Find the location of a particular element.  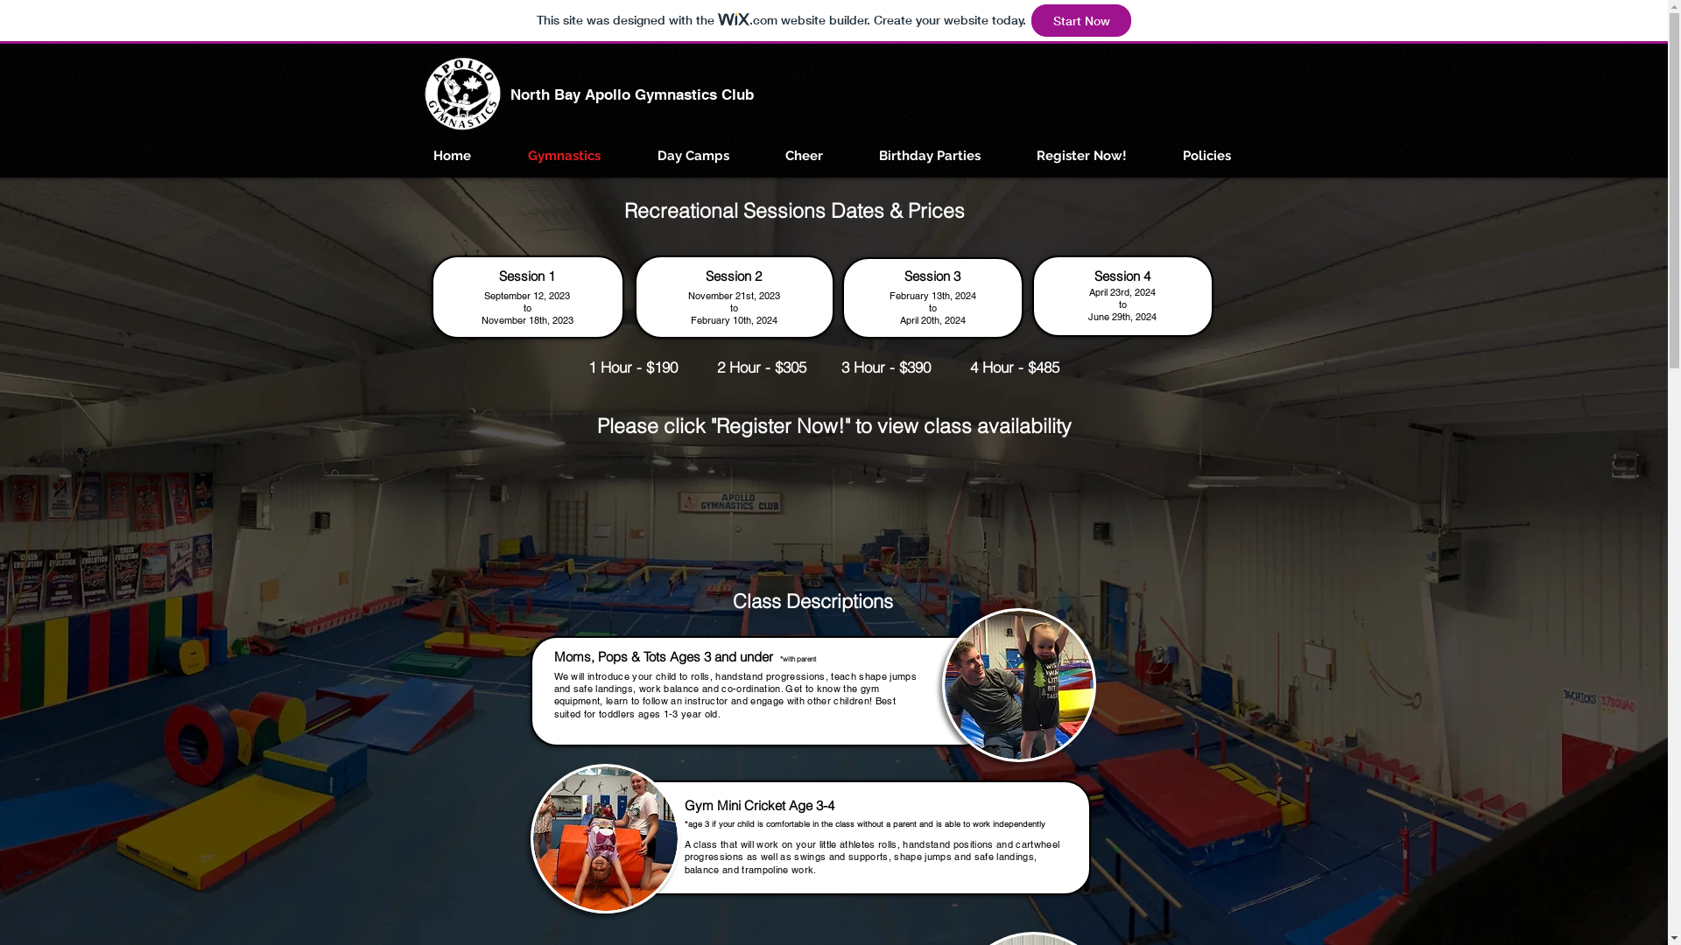

'Day Camps' is located at coordinates (692, 154).